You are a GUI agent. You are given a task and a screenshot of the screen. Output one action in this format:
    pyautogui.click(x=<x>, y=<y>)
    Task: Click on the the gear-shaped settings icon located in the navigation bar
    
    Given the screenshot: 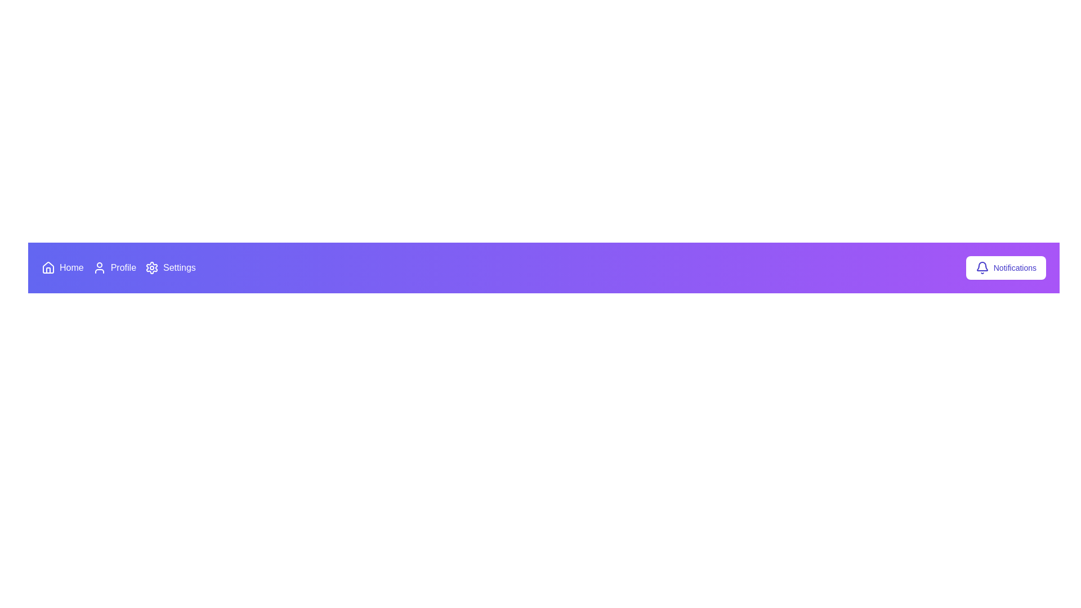 What is the action you would take?
    pyautogui.click(x=151, y=267)
    